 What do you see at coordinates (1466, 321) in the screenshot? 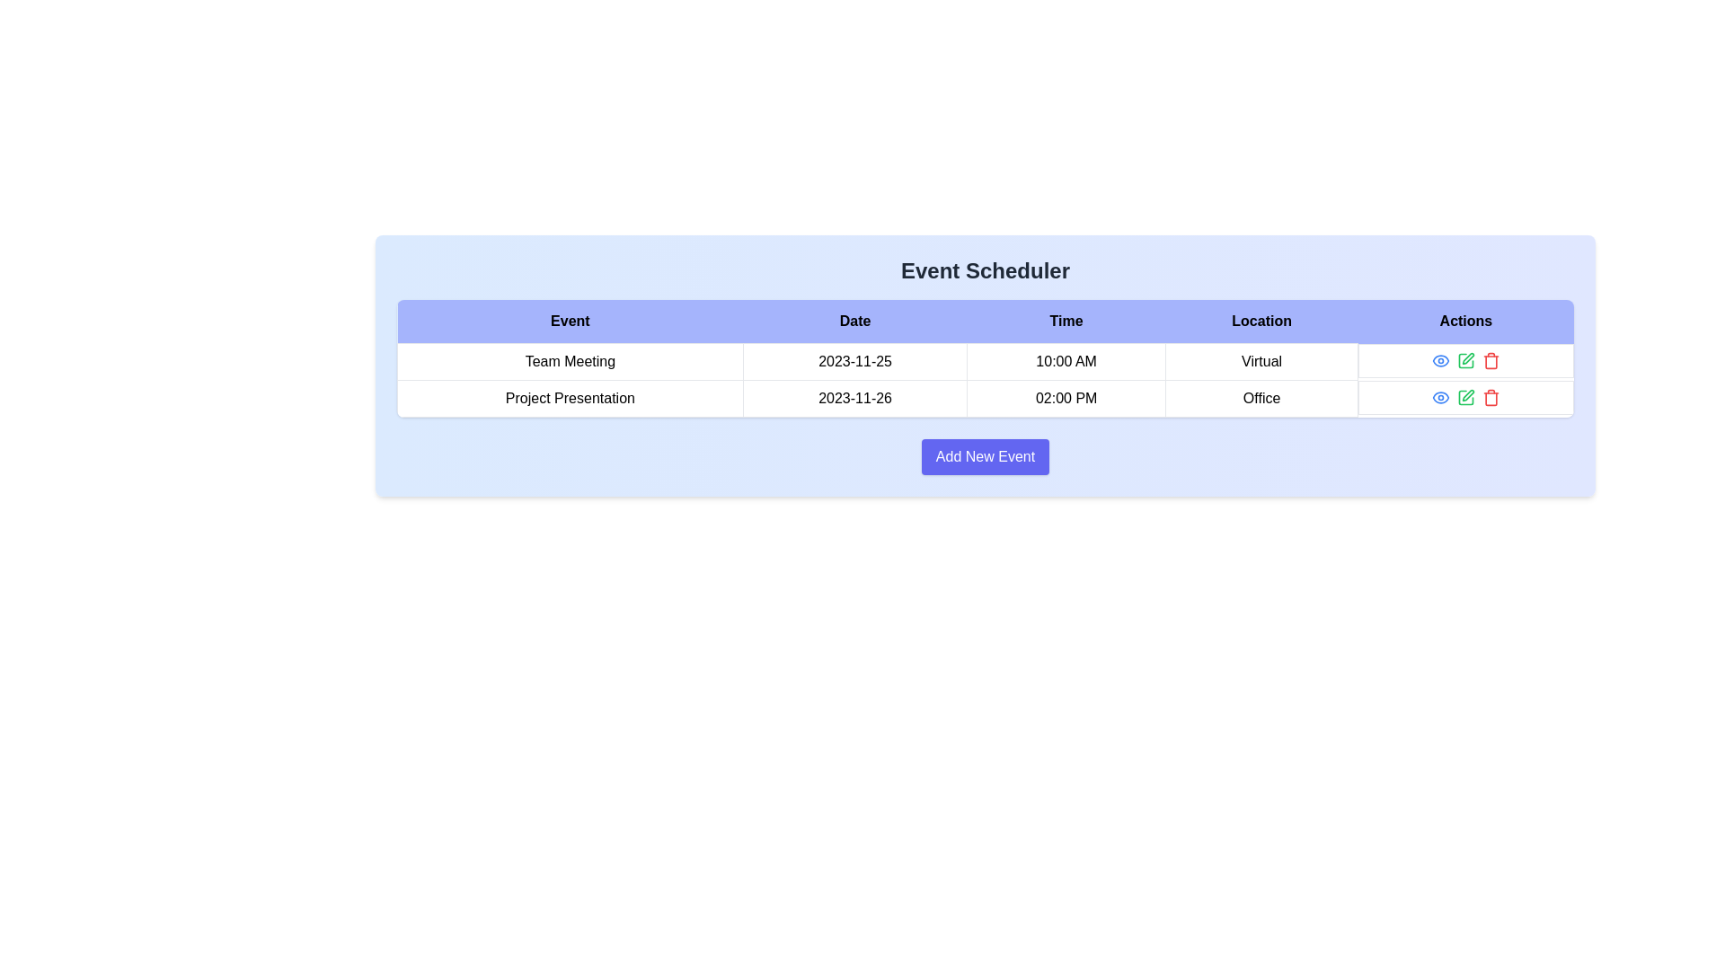
I see `the text label 'Actions' located in the last column header of the table with a light blue background` at bounding box center [1466, 321].